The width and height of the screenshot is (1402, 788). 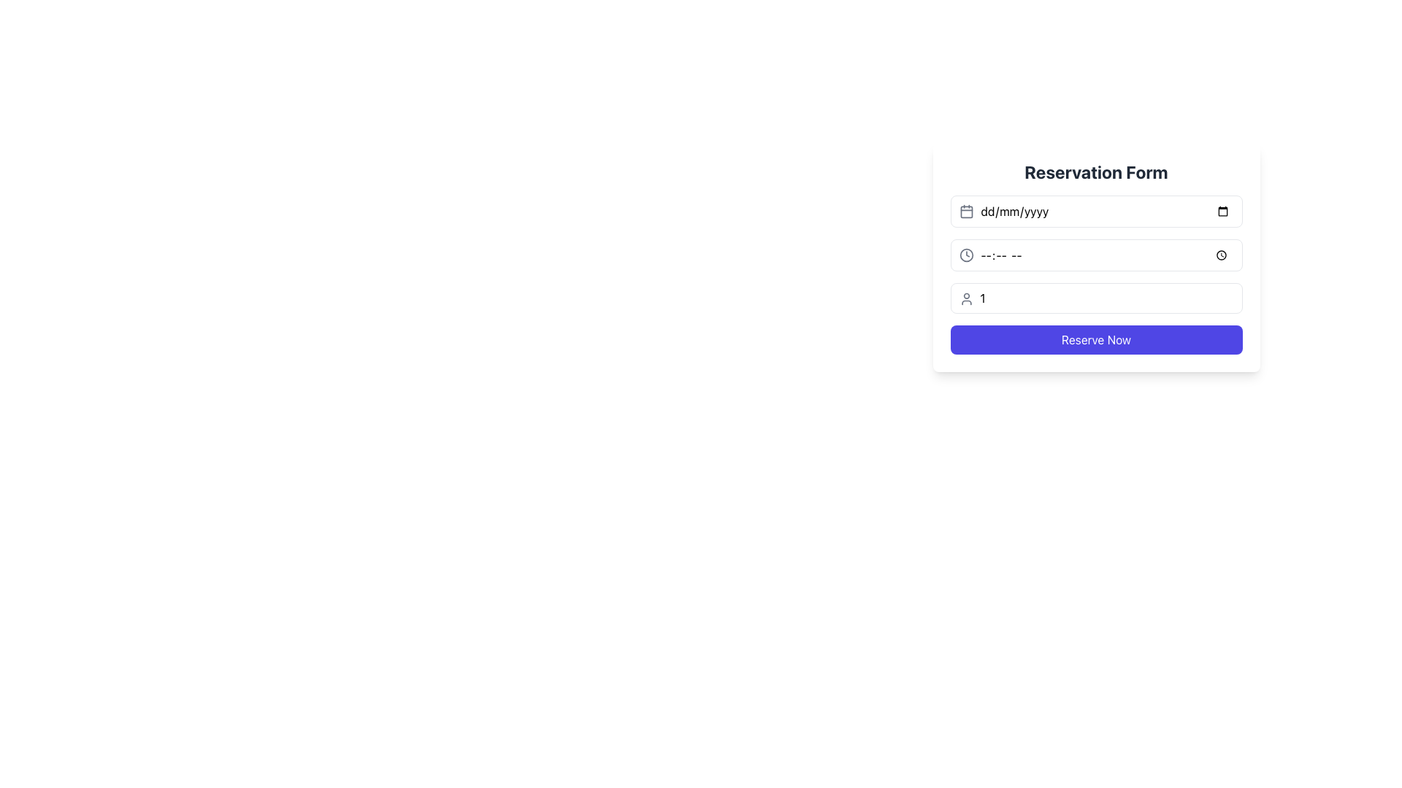 I want to click on the reservation form to focus on the input fields, so click(x=1096, y=257).